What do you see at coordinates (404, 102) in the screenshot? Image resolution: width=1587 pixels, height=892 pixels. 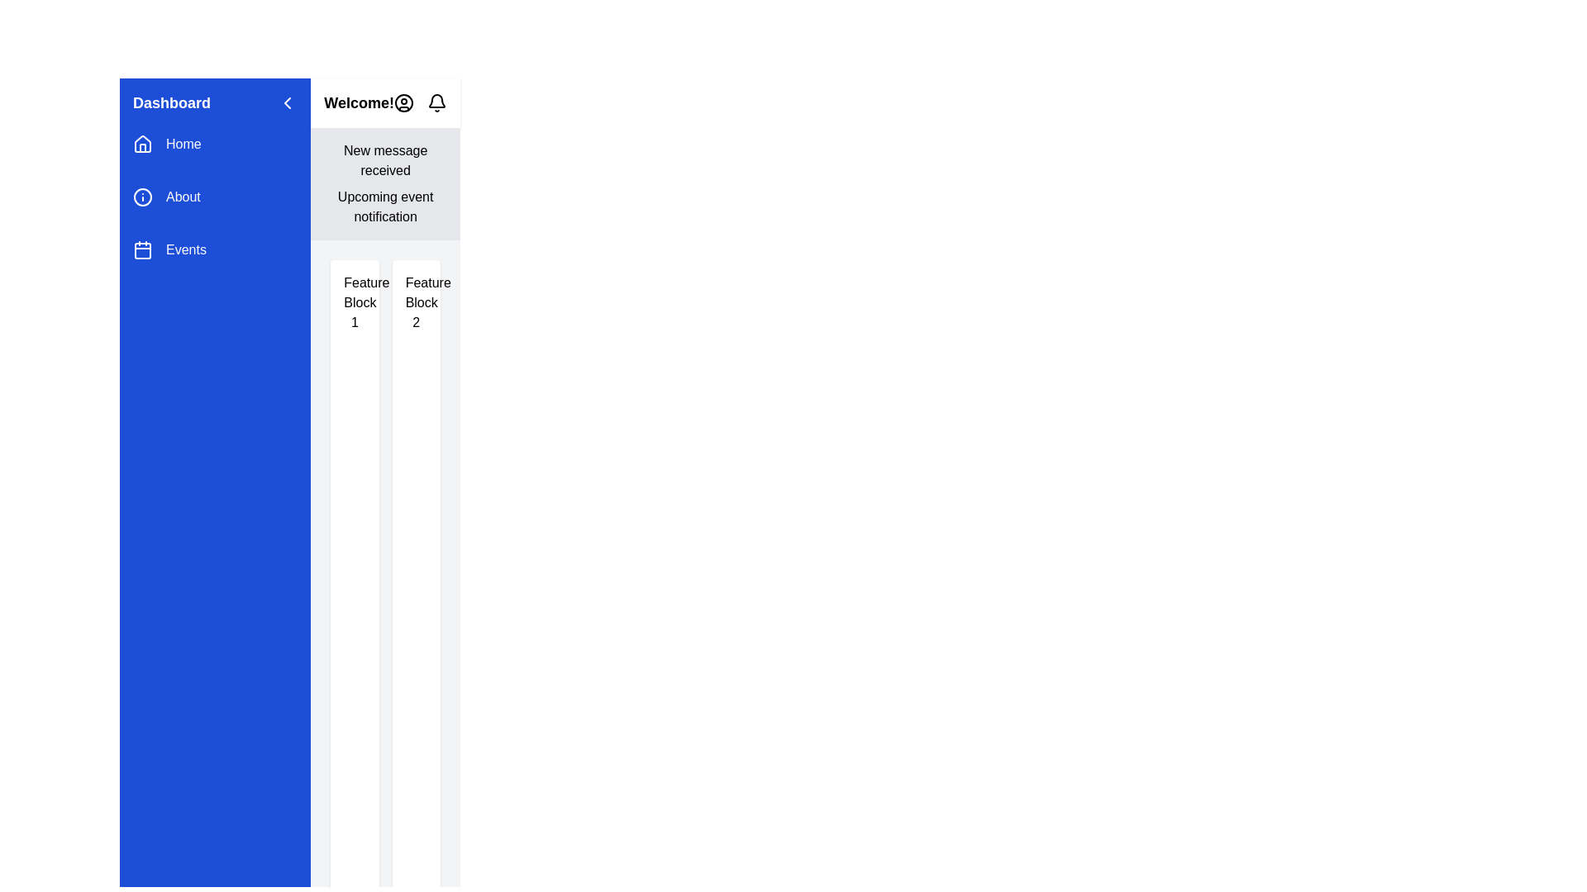 I see `the user profile icon located at the leftmost position of the top bar` at bounding box center [404, 102].